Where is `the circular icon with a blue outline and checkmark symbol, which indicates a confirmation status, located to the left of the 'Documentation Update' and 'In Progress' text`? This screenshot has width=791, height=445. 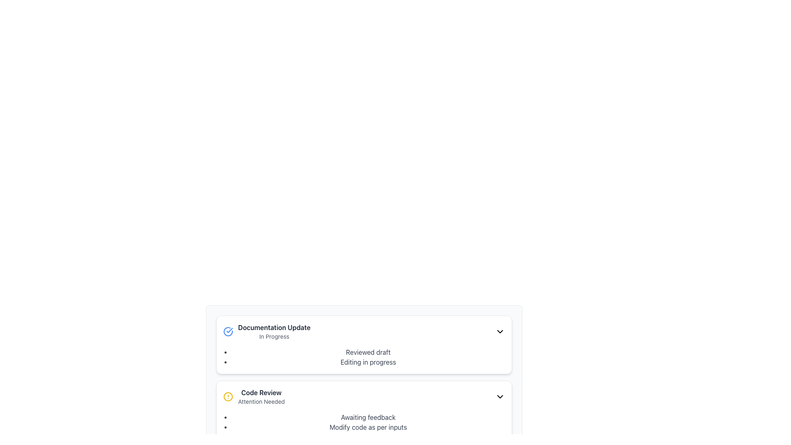 the circular icon with a blue outline and checkmark symbol, which indicates a confirmation status, located to the left of the 'Documentation Update' and 'In Progress' text is located at coordinates (228, 331).